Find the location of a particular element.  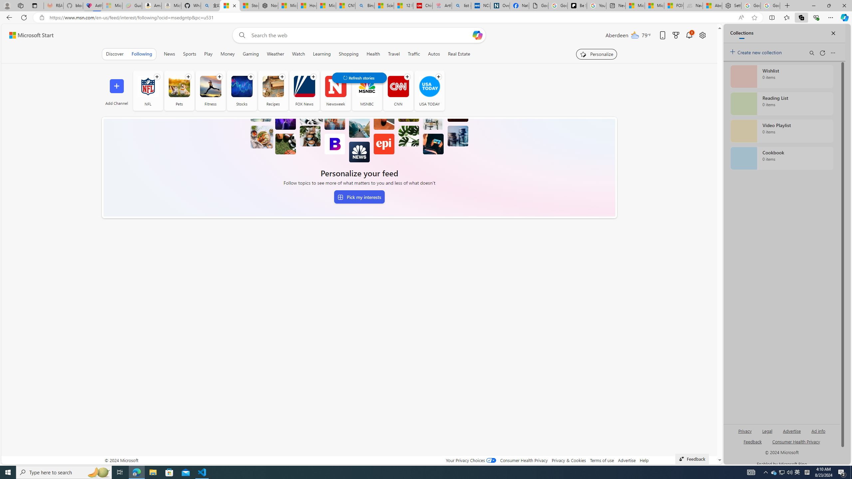

'Pets' is located at coordinates (179, 86).